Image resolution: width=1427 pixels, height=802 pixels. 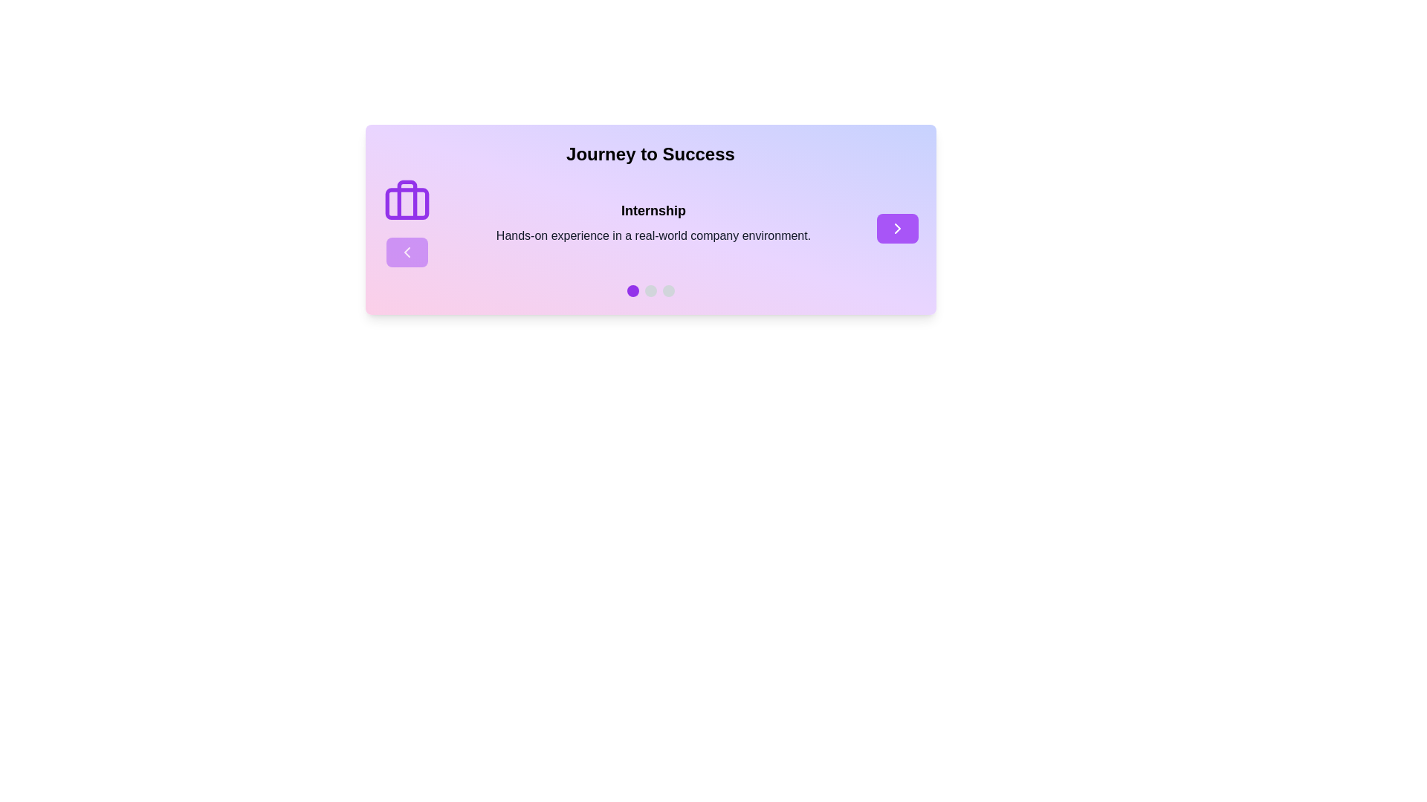 What do you see at coordinates (407, 202) in the screenshot?
I see `the decorative icon that visually represents the 'Internship' text, located near the top-left area, above a button element` at bounding box center [407, 202].